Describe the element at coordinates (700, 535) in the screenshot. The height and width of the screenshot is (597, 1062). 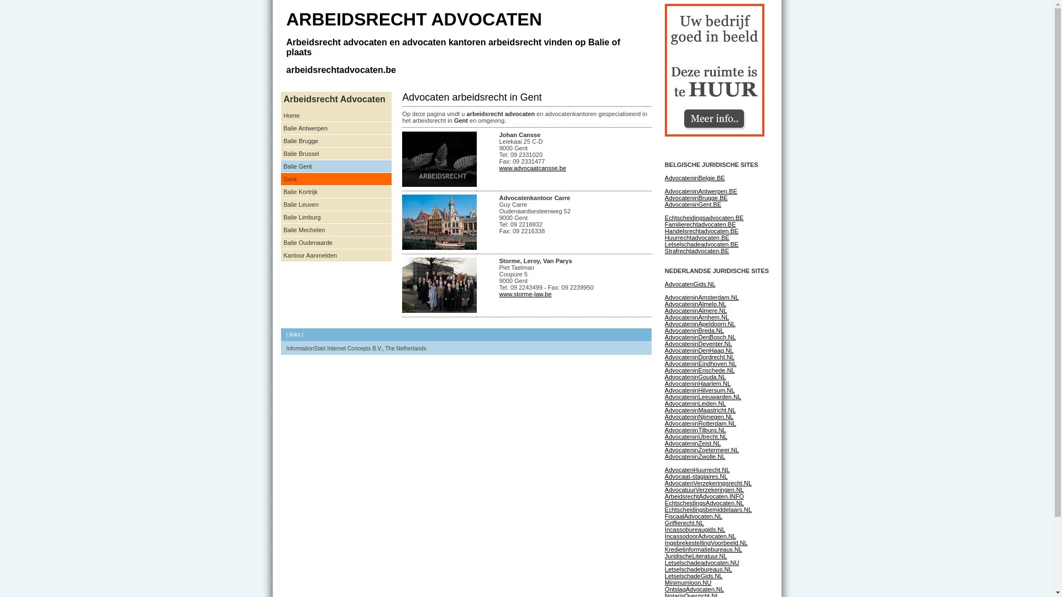
I see `'IncassodoorAdvocaten.NL'` at that location.